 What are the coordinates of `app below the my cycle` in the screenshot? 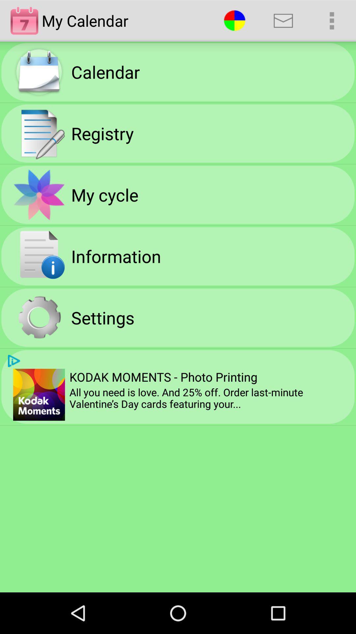 It's located at (116, 256).